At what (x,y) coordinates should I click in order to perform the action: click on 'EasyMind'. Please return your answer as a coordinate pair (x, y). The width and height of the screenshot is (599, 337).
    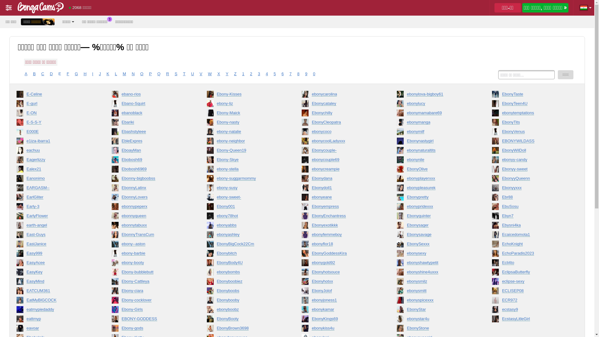
    Looking at the image, I should click on (55, 283).